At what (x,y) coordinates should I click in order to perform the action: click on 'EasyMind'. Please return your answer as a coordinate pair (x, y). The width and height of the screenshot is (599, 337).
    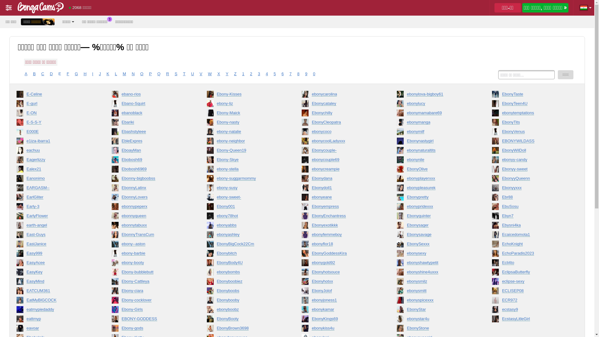
    Looking at the image, I should click on (55, 283).